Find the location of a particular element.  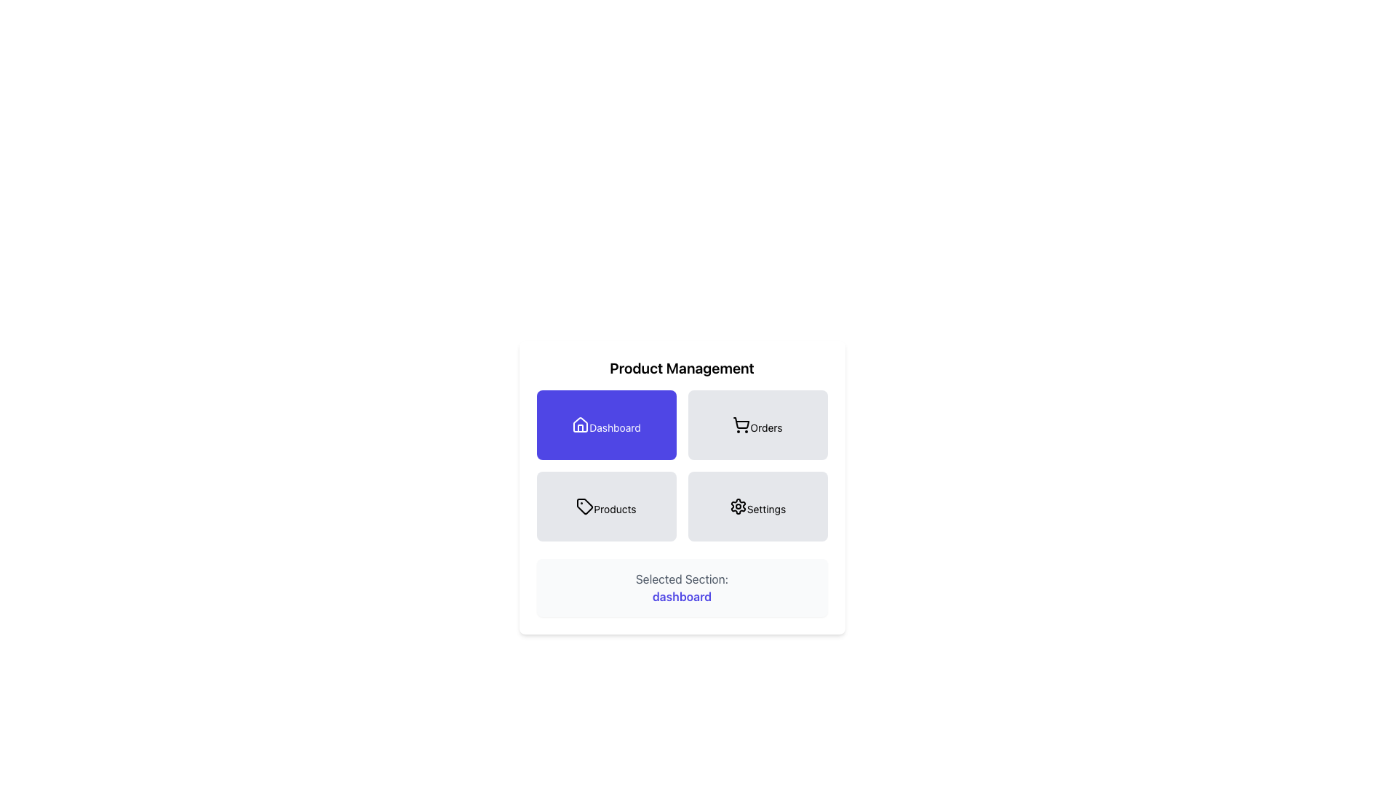

the 'Orders' section label located within the second button of the top row in a 2x2 grid layout is located at coordinates (765, 427).